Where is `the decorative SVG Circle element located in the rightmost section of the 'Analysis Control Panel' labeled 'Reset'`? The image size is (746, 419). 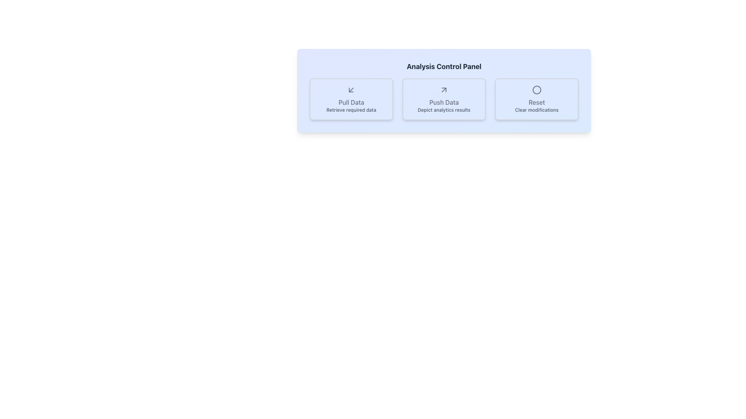 the decorative SVG Circle element located in the rightmost section of the 'Analysis Control Panel' labeled 'Reset' is located at coordinates (536, 89).